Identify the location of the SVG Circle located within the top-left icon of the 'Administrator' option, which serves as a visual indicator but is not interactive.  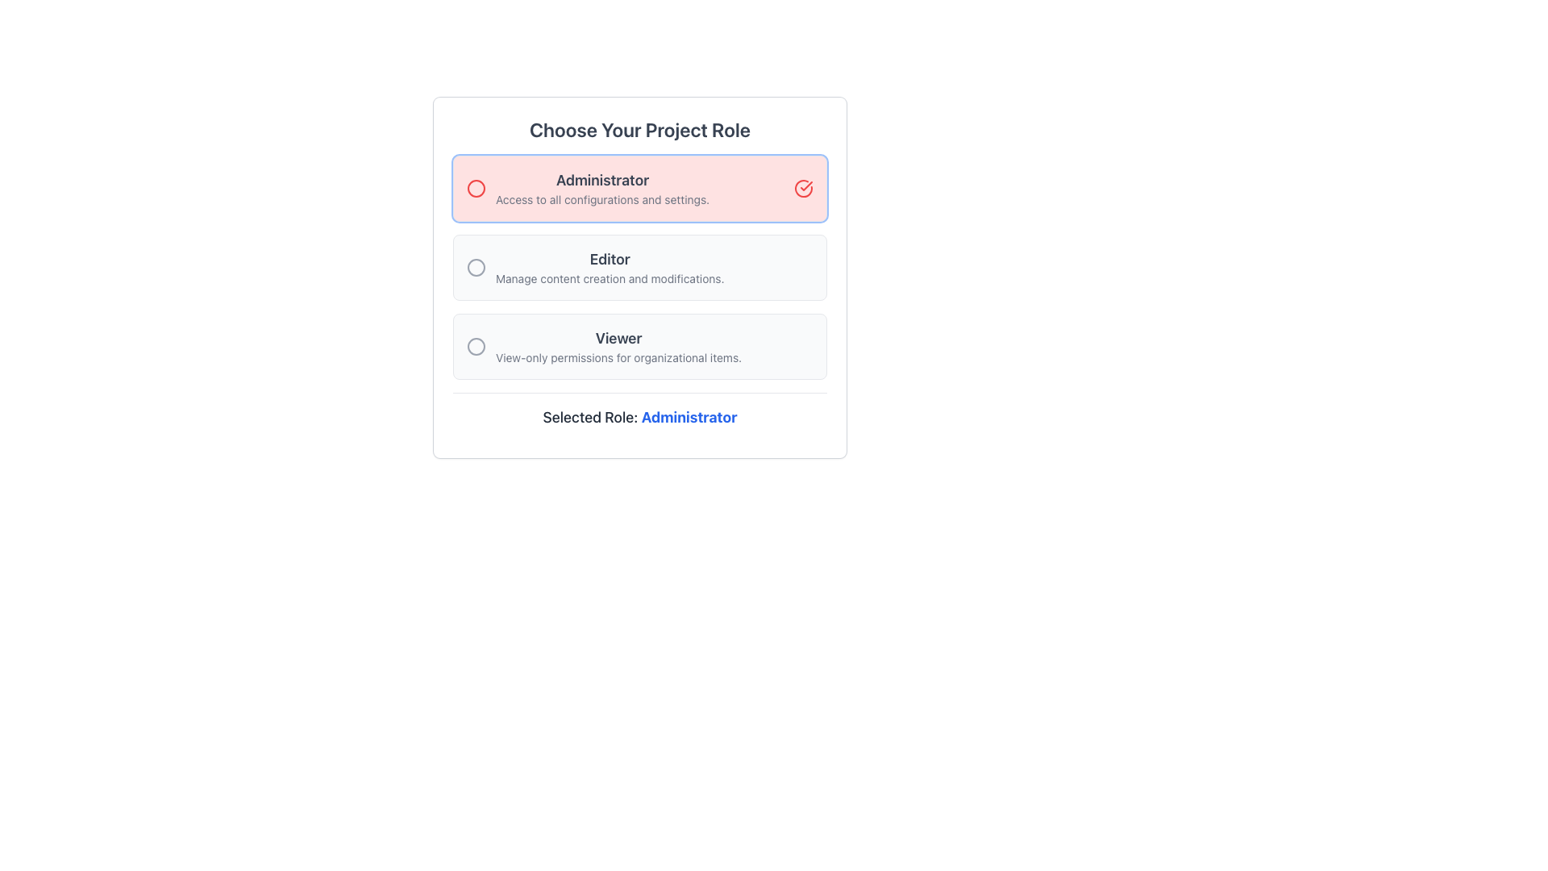
(475, 188).